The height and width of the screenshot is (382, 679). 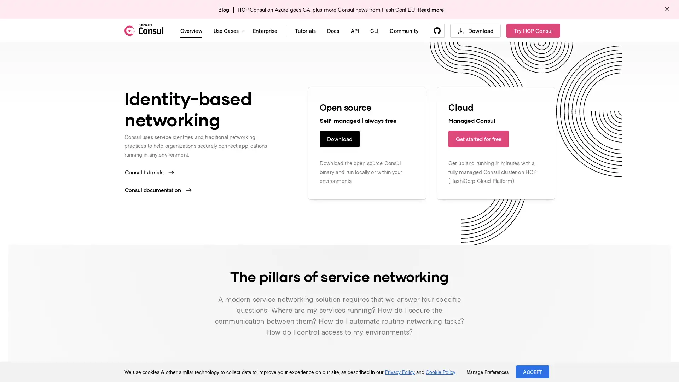 I want to click on ACCEPT, so click(x=533, y=371).